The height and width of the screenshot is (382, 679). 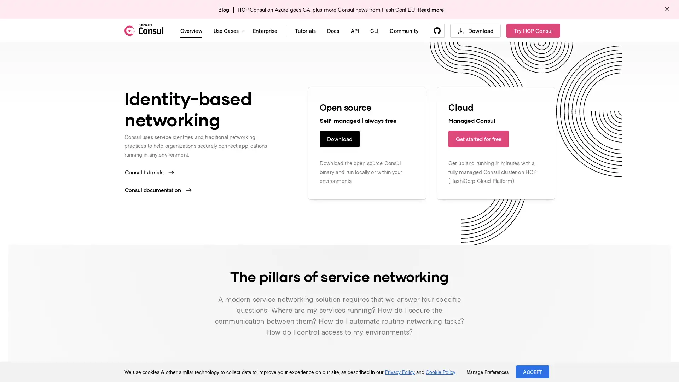 I want to click on ACCEPT, so click(x=533, y=371).